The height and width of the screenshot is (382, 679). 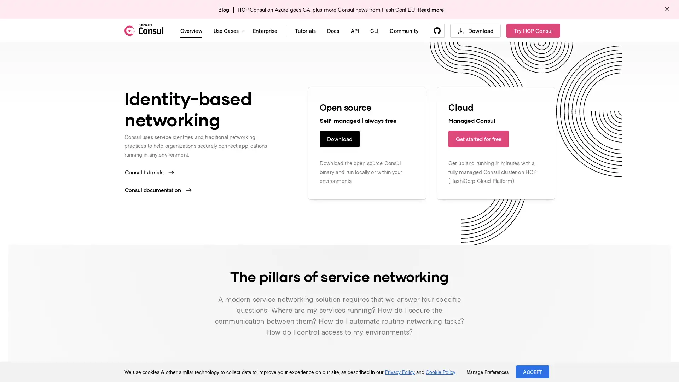 I want to click on ACCEPT, so click(x=533, y=371).